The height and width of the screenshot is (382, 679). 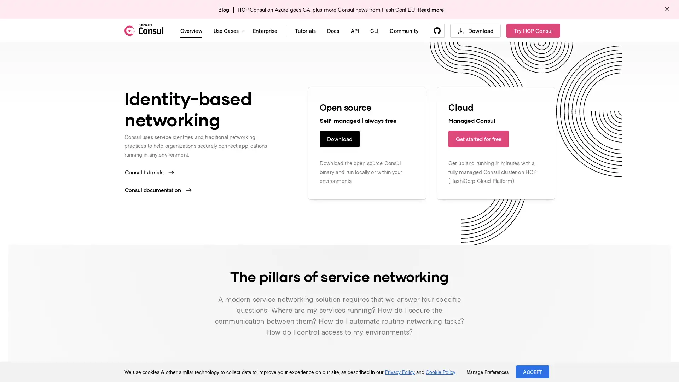 I want to click on ACCEPT, so click(x=533, y=371).